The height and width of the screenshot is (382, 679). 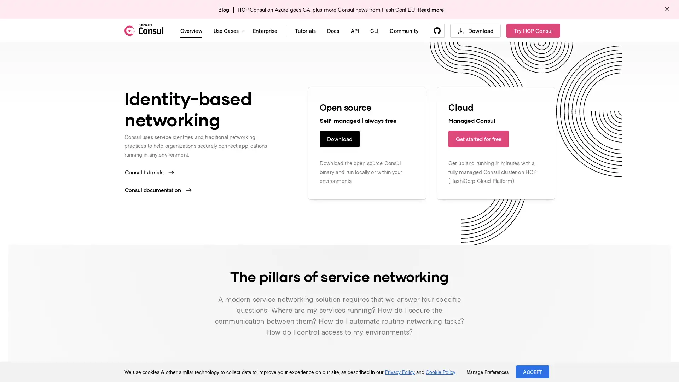 I want to click on ACCEPT, so click(x=533, y=371).